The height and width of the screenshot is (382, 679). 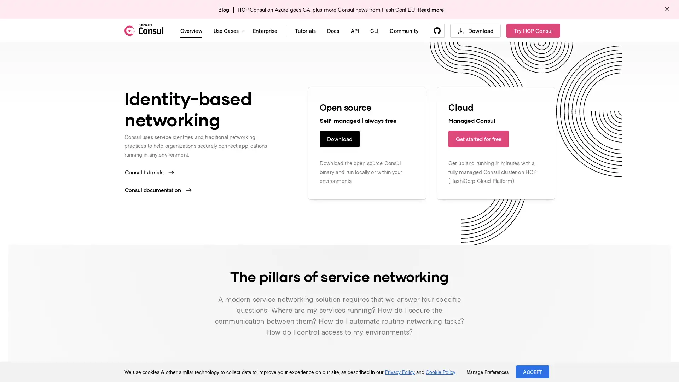 I want to click on ACCEPT, so click(x=533, y=371).